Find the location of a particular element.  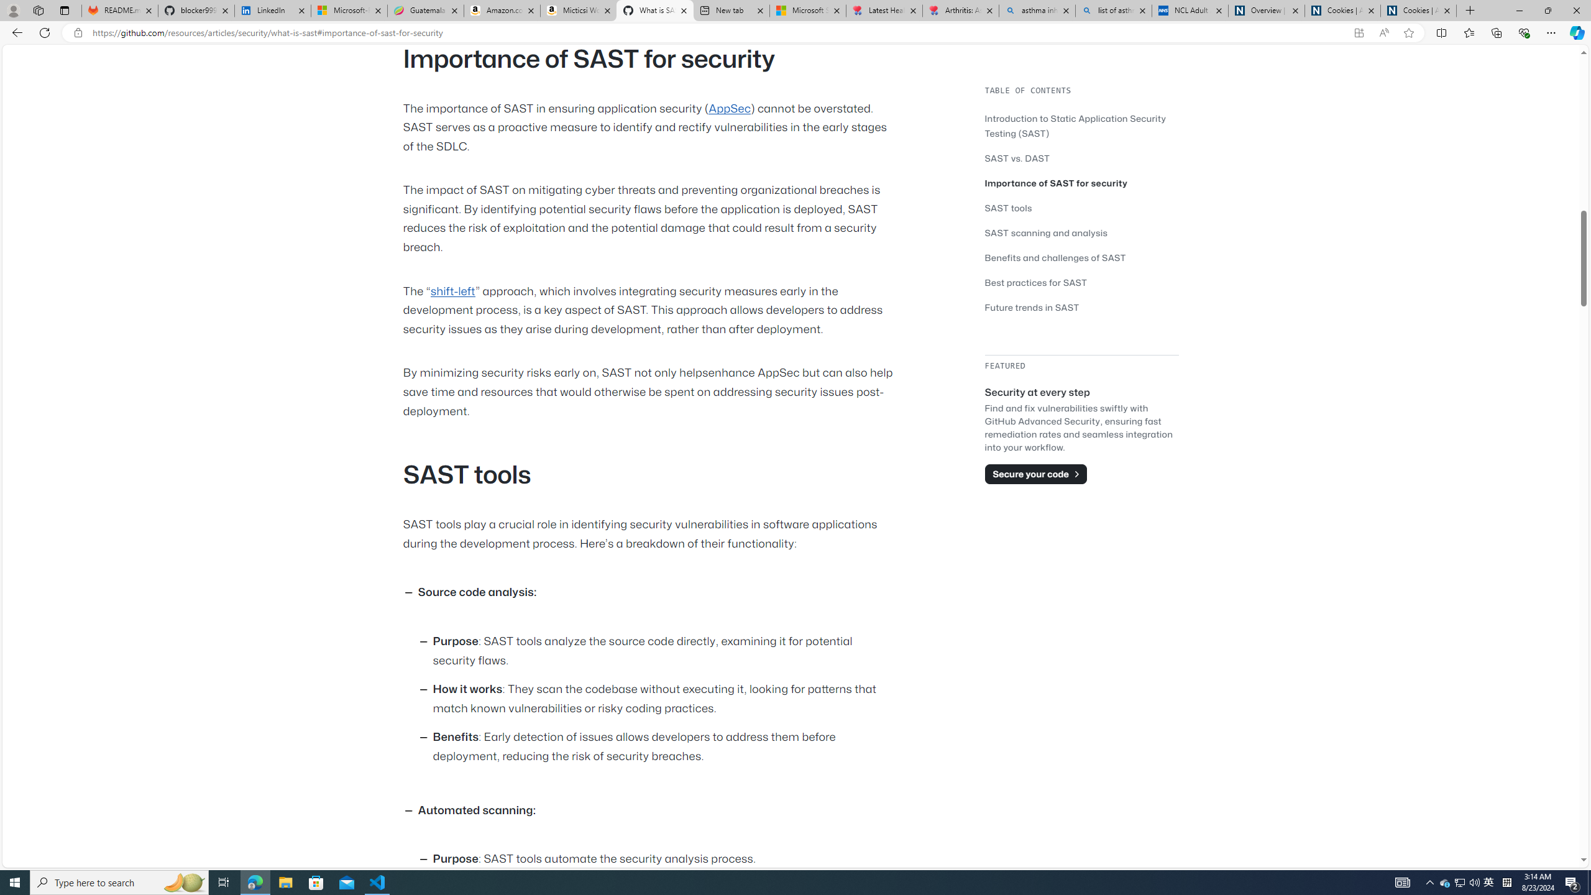

'Introduction to Static Application Security Testing (SAST)' is located at coordinates (1075, 126).